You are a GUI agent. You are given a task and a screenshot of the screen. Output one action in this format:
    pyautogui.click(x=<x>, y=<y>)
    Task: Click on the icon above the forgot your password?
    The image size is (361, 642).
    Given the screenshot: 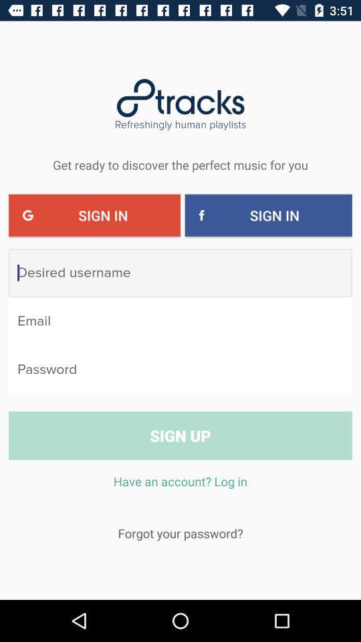 What is the action you would take?
    pyautogui.click(x=180, y=487)
    